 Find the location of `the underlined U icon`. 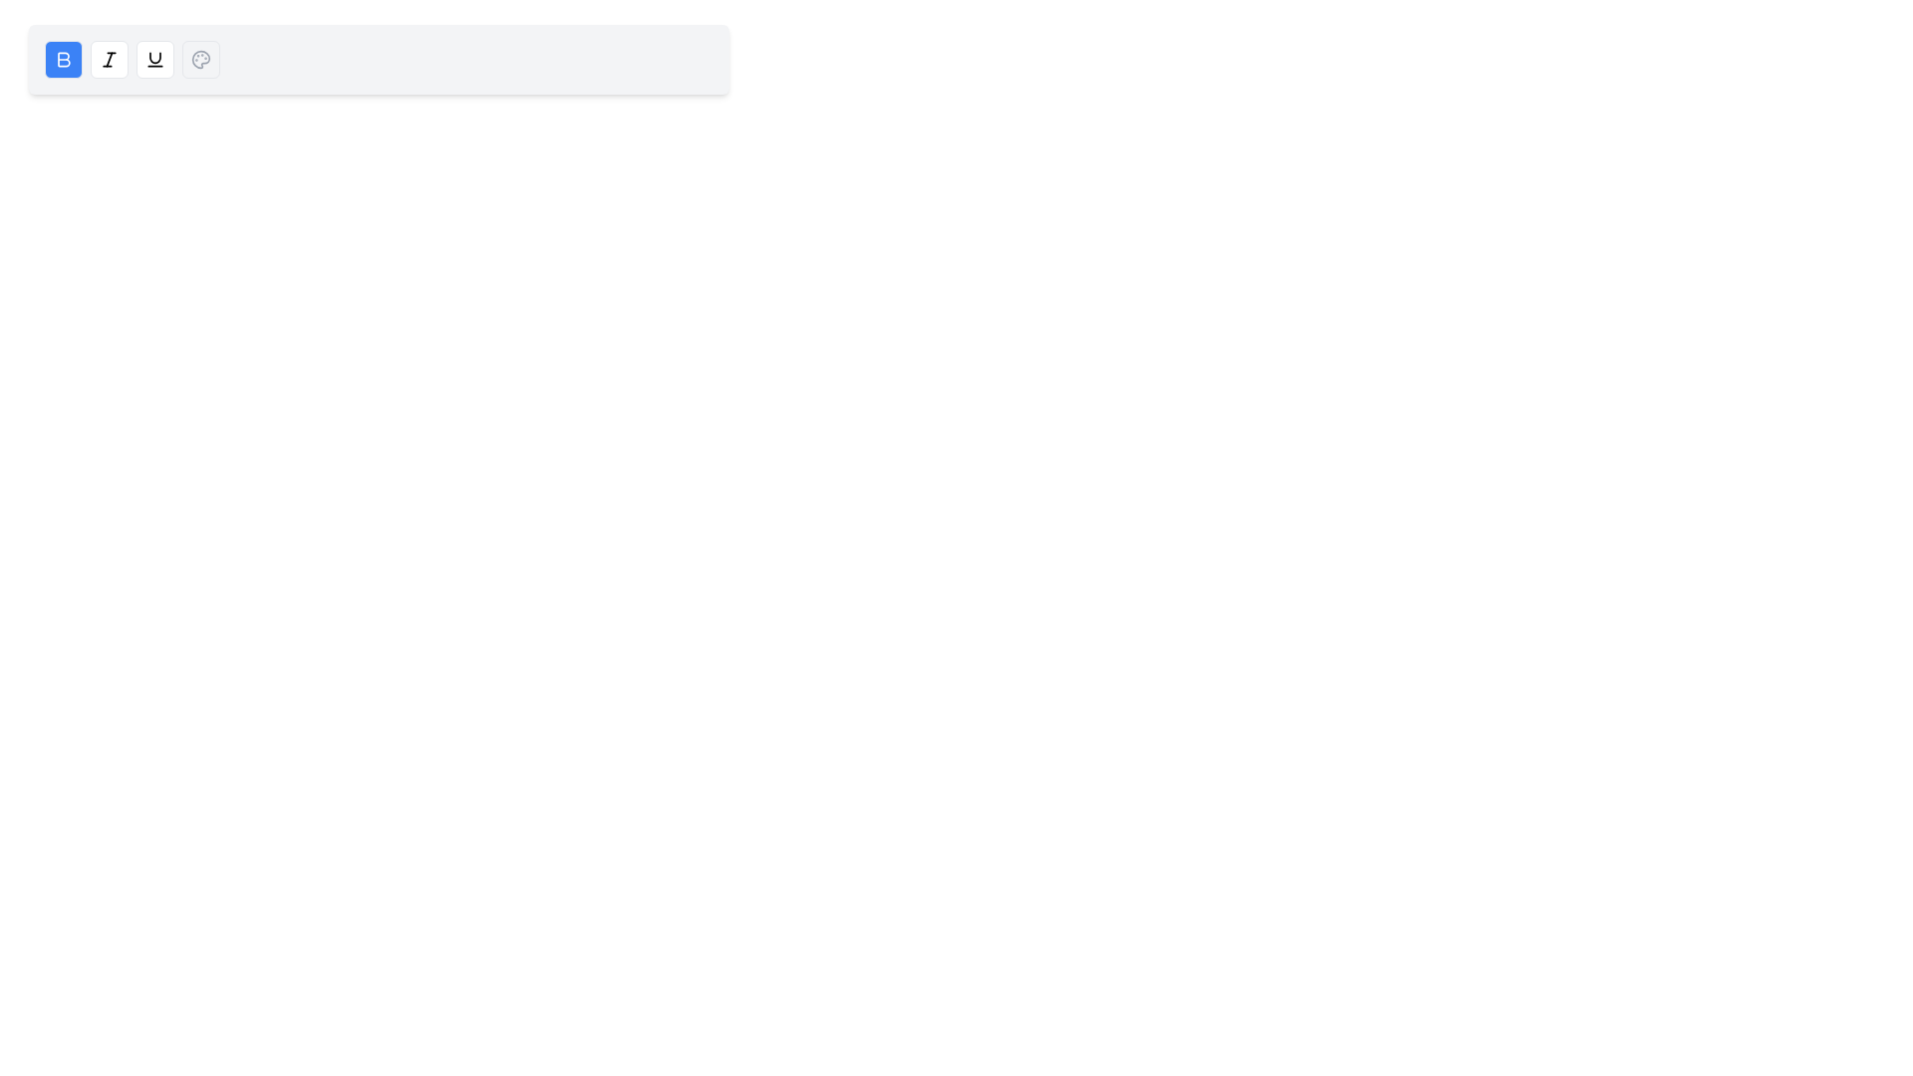

the underlined U icon is located at coordinates (154, 59).